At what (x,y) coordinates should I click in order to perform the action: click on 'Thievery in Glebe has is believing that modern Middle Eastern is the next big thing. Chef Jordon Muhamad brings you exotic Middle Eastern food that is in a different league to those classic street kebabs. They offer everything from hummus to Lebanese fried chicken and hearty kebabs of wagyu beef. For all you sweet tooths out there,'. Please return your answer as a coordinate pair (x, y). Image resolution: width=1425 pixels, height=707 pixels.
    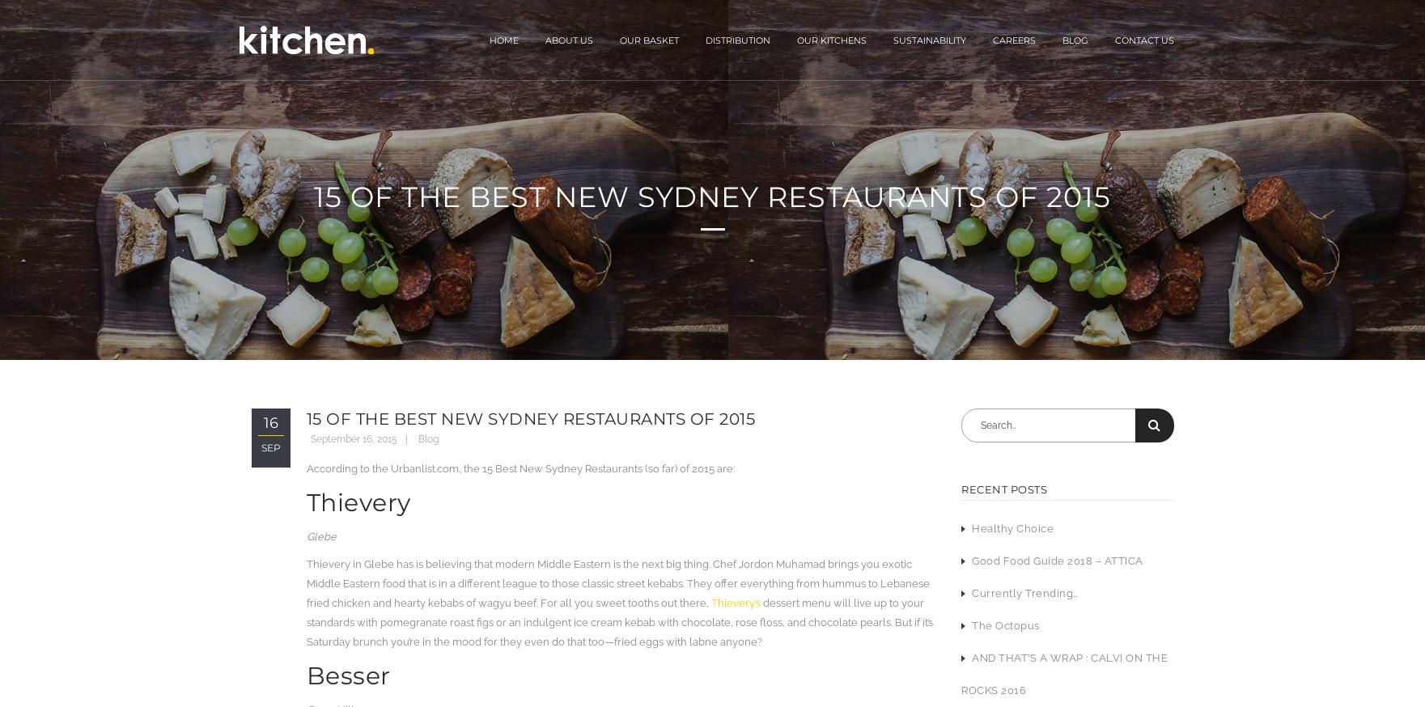
    Looking at the image, I should click on (305, 583).